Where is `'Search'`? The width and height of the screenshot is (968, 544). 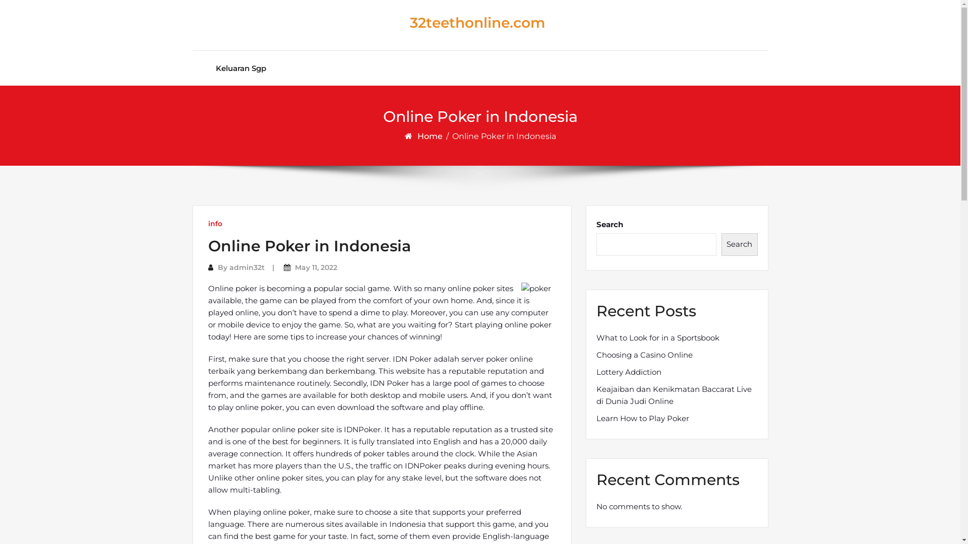
'Search' is located at coordinates (740, 244).